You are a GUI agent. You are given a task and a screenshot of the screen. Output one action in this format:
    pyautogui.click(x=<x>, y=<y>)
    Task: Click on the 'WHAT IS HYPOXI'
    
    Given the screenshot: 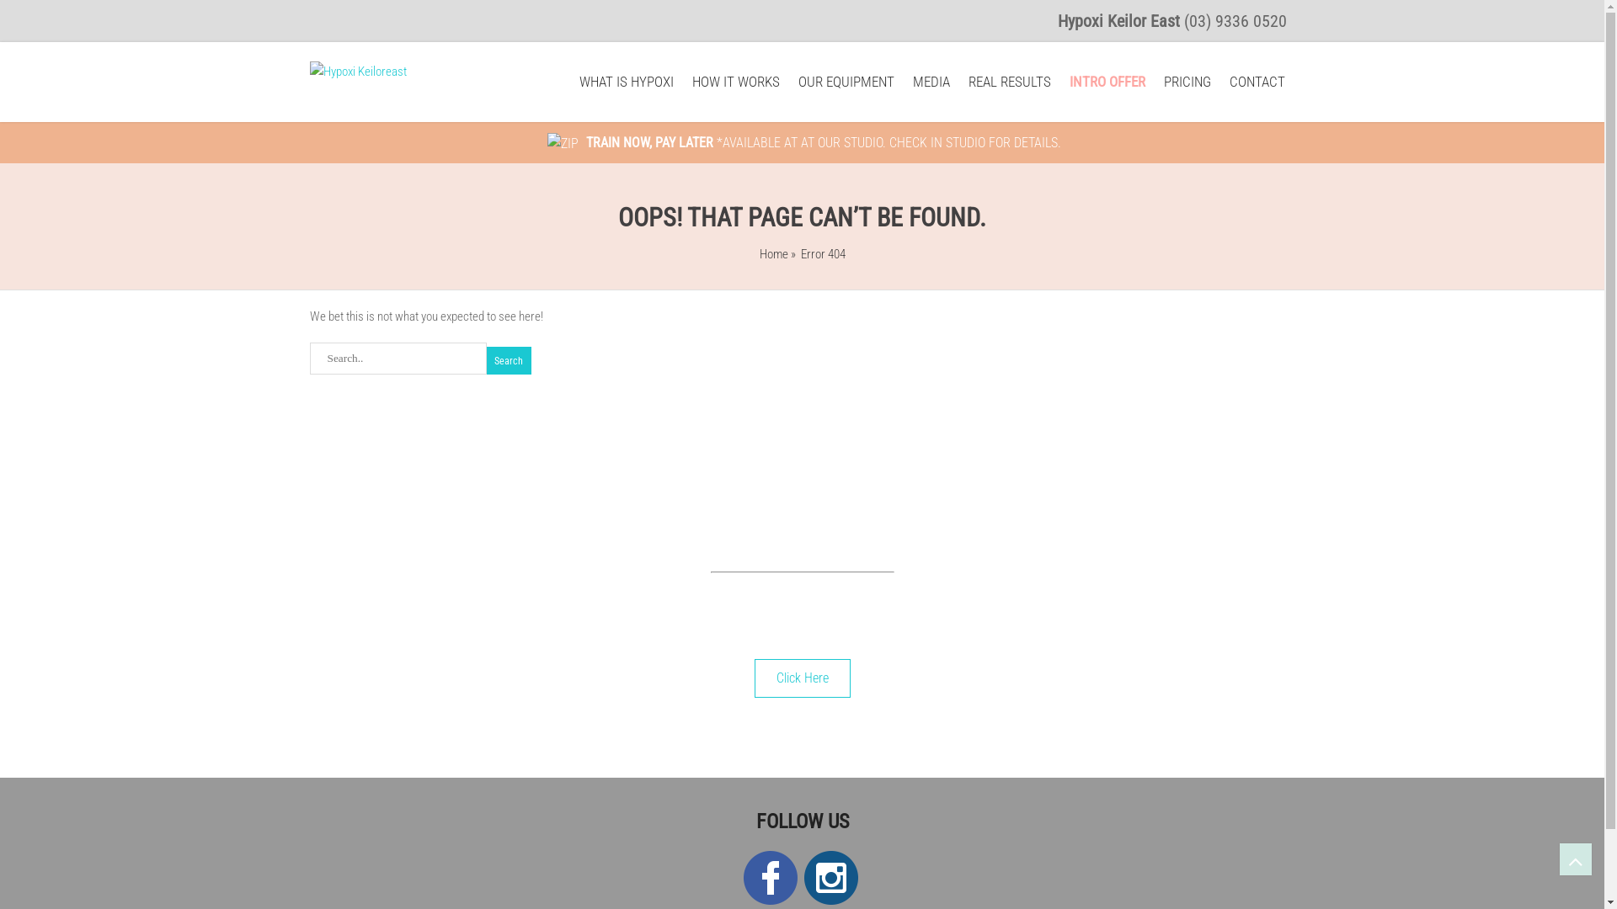 What is the action you would take?
    pyautogui.click(x=626, y=82)
    